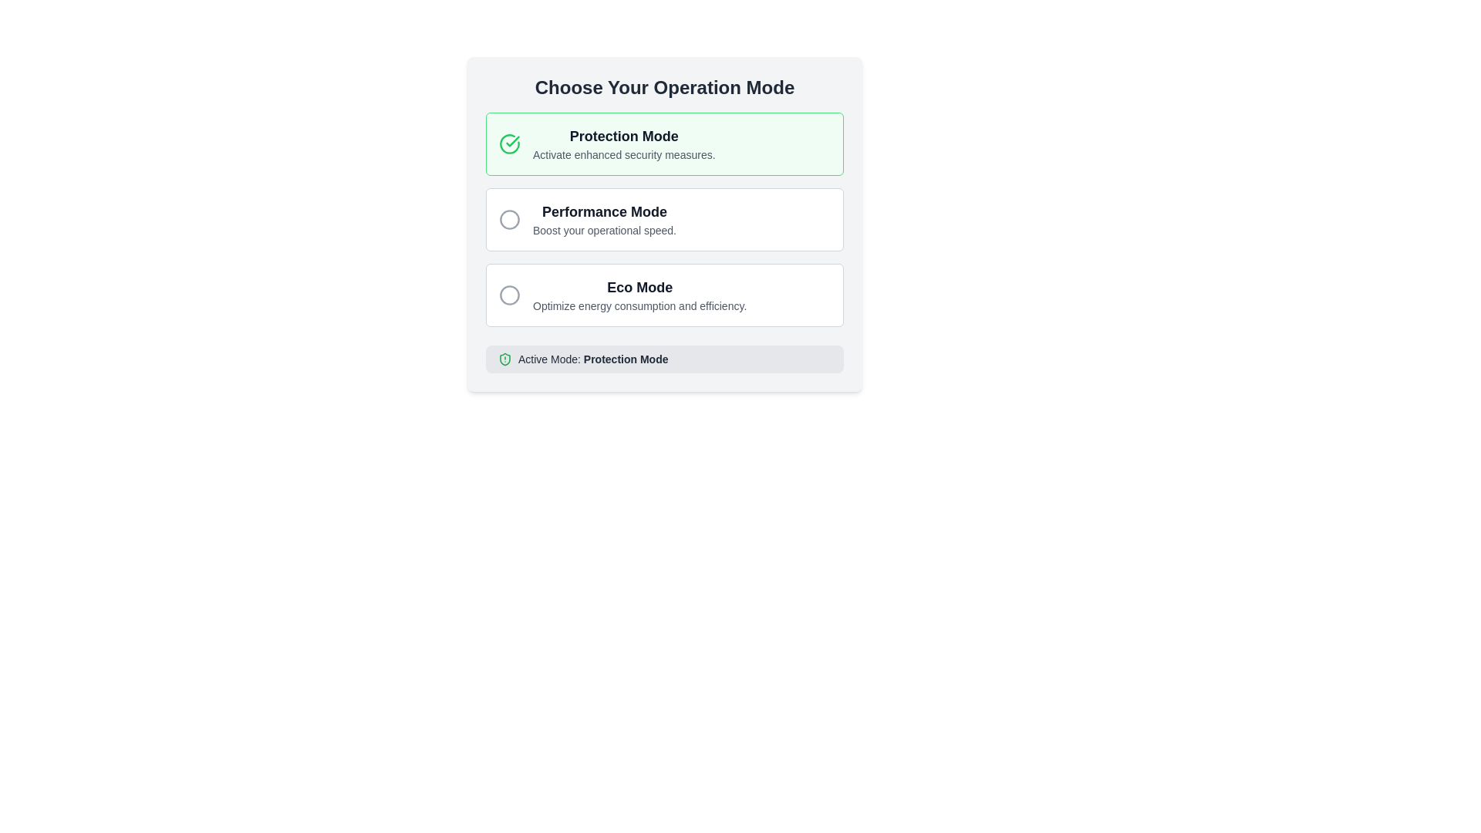 The width and height of the screenshot is (1481, 833). I want to click on the icon indicating the 'Performance Mode' status, located on the left side of the 'Performance Mode' section, so click(510, 220).